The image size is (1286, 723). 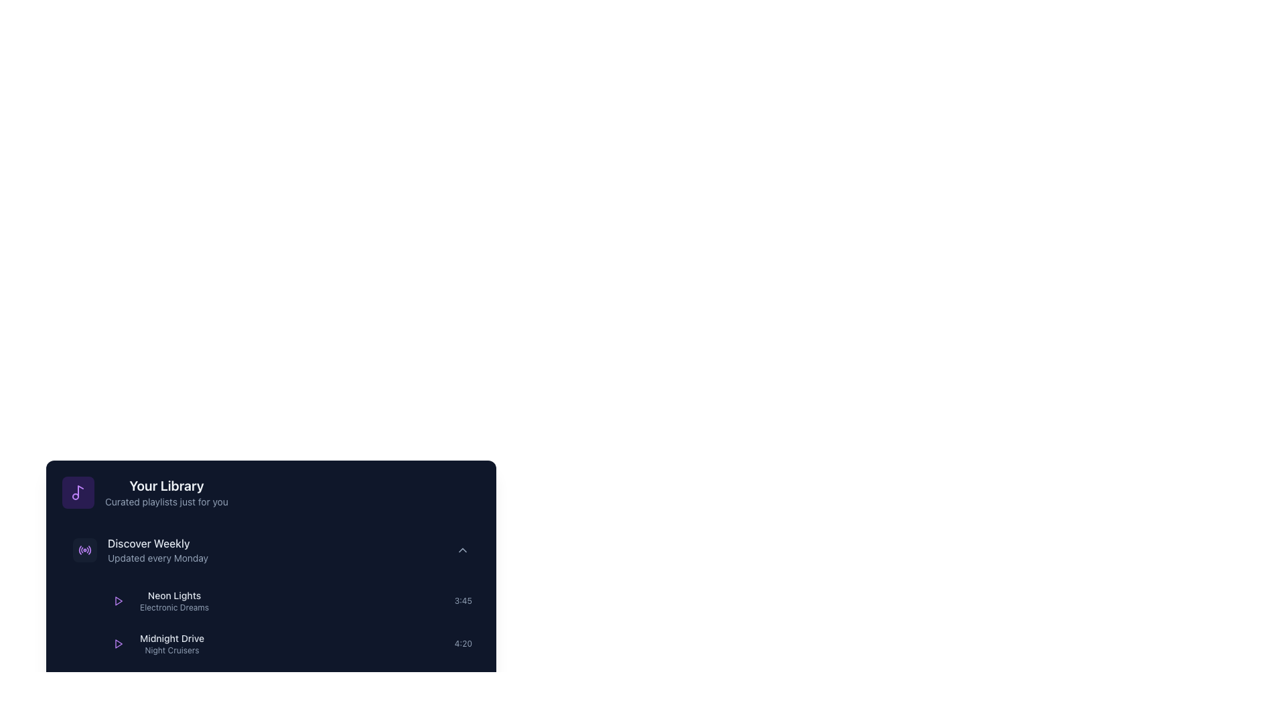 What do you see at coordinates (119, 600) in the screenshot?
I see `the circular button with a purple triangular play icon to play the associated item, located to the left of the text 'Neon Lights' and 'Electronic Dreams'` at bounding box center [119, 600].